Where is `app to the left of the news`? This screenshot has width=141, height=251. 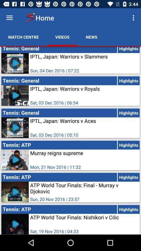
app to the left of the news is located at coordinates (62, 37).